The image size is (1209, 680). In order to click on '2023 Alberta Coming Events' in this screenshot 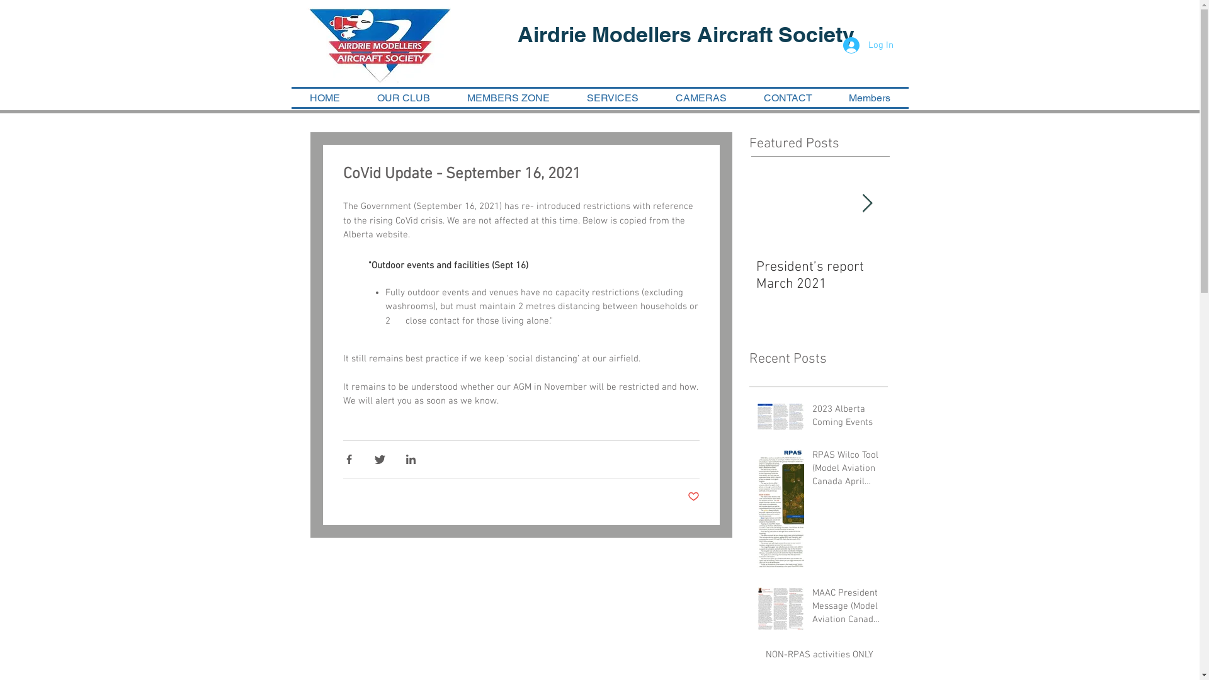, I will do `click(846, 418)`.